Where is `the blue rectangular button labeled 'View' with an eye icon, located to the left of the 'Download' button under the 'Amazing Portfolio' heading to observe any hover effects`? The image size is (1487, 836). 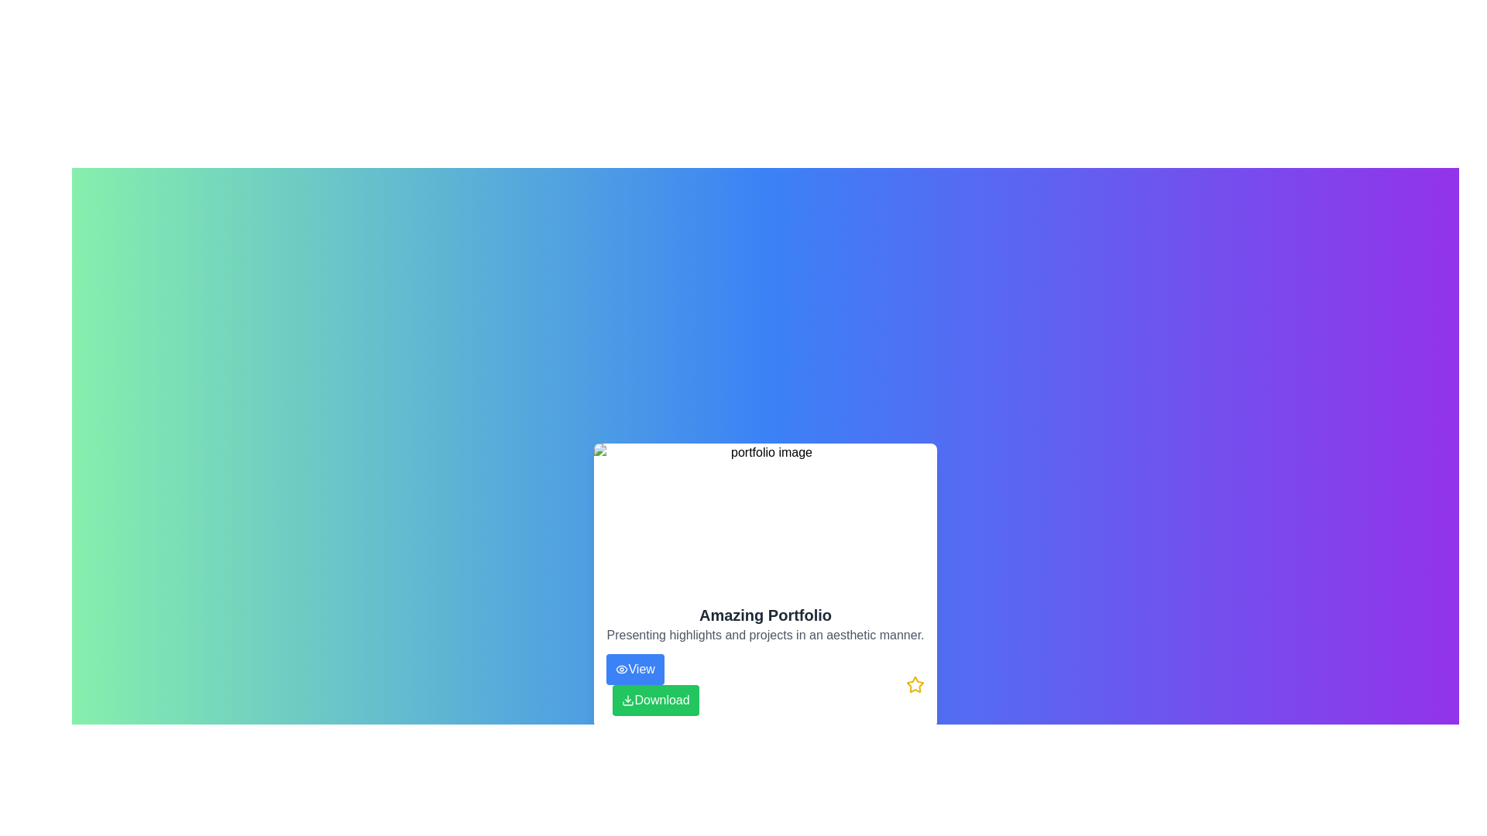 the blue rectangular button labeled 'View' with an eye icon, located to the left of the 'Download' button under the 'Amazing Portfolio' heading to observe any hover effects is located at coordinates (635, 668).